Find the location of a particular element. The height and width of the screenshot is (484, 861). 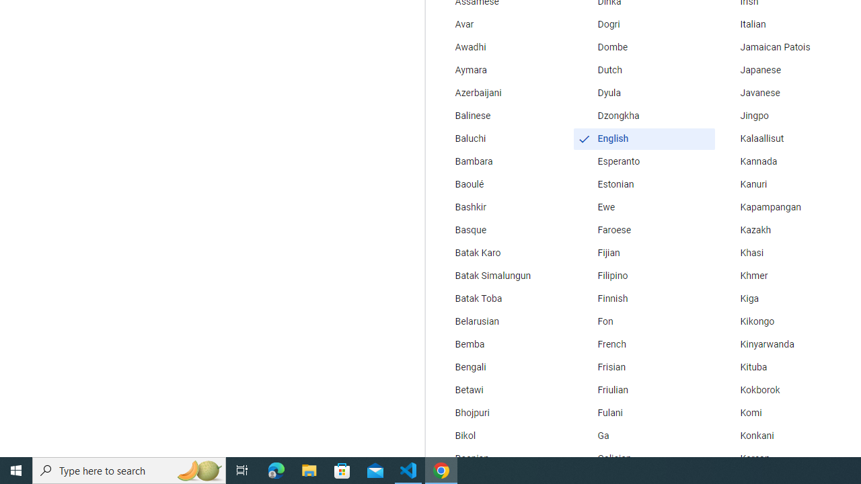

'Belarusian' is located at coordinates (500, 322).